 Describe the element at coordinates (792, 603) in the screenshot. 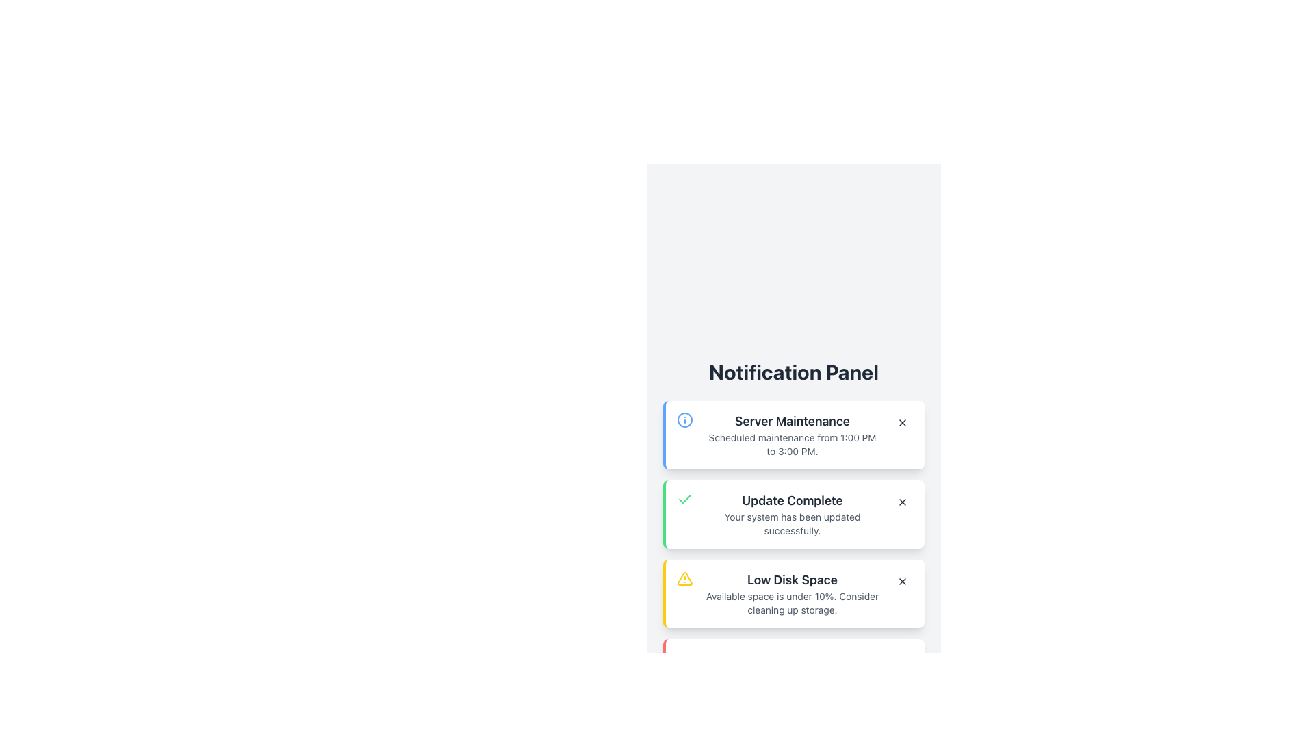

I see `the text element that reads 'Available space is under 10%. Consider cleaning up storage.' which is styled in a smaller, gray font and positioned below the title 'Low Disk Space'` at that location.